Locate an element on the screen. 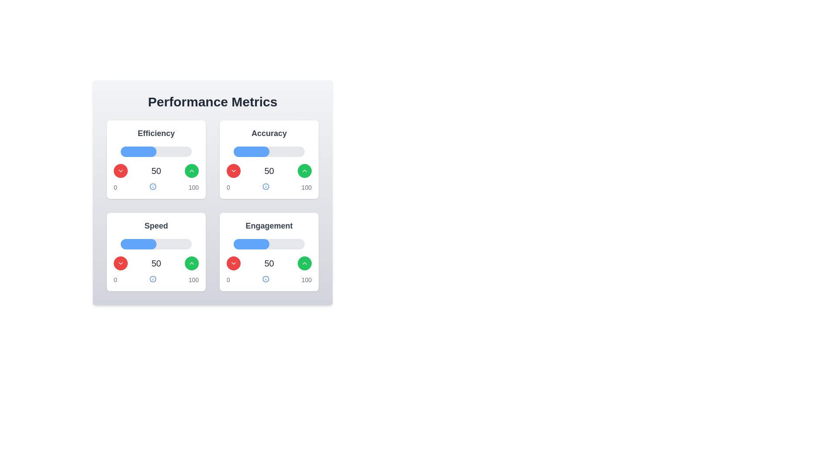 The image size is (837, 471). the small downward-pointing chevron icon within the circular red button located in the bottom-left corner of the 'Engagement' card is located at coordinates (234, 263).